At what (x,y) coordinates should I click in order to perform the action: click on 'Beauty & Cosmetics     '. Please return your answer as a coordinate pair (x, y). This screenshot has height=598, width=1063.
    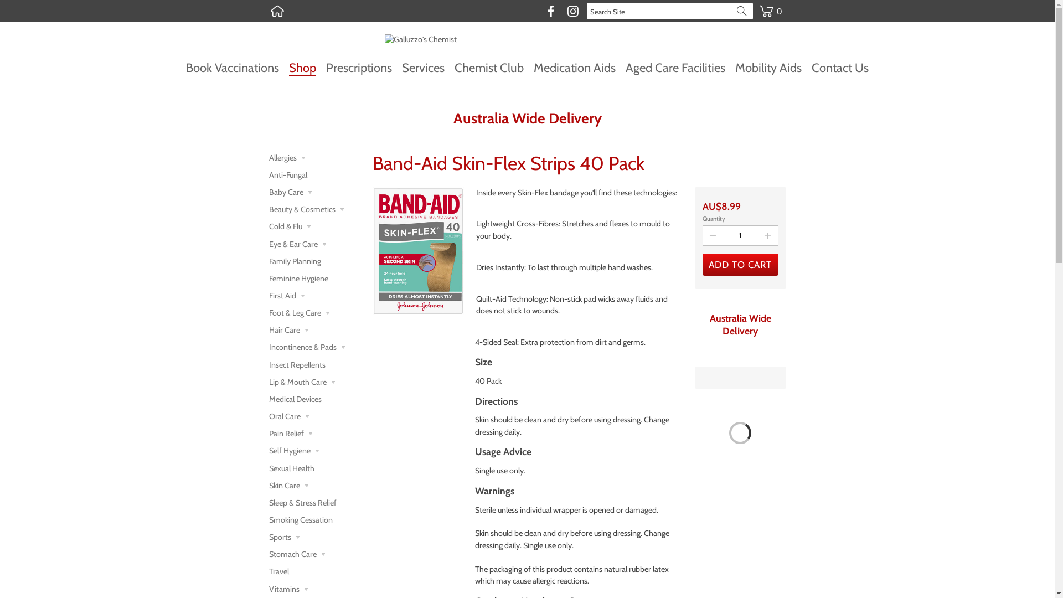
    Looking at the image, I should click on (269, 209).